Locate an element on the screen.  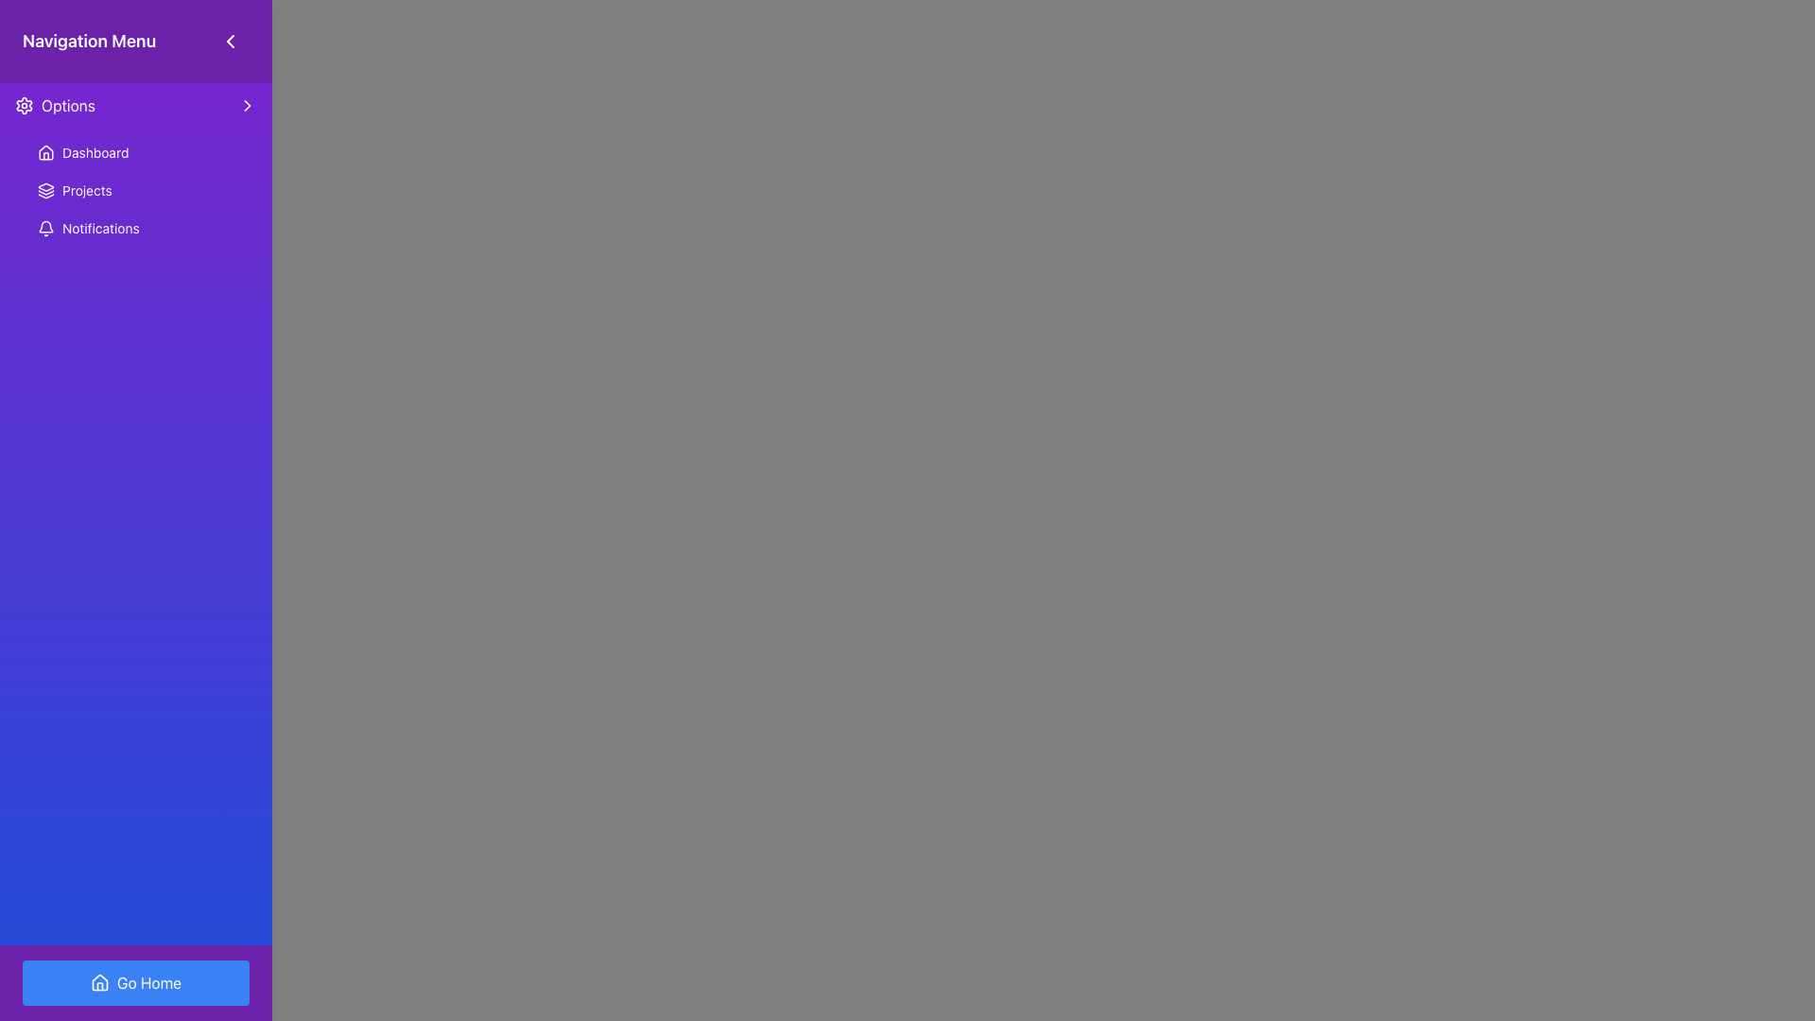
the notifications button, which is the third item in the vertical list of menu options under the 'Options' section is located at coordinates (147, 228).